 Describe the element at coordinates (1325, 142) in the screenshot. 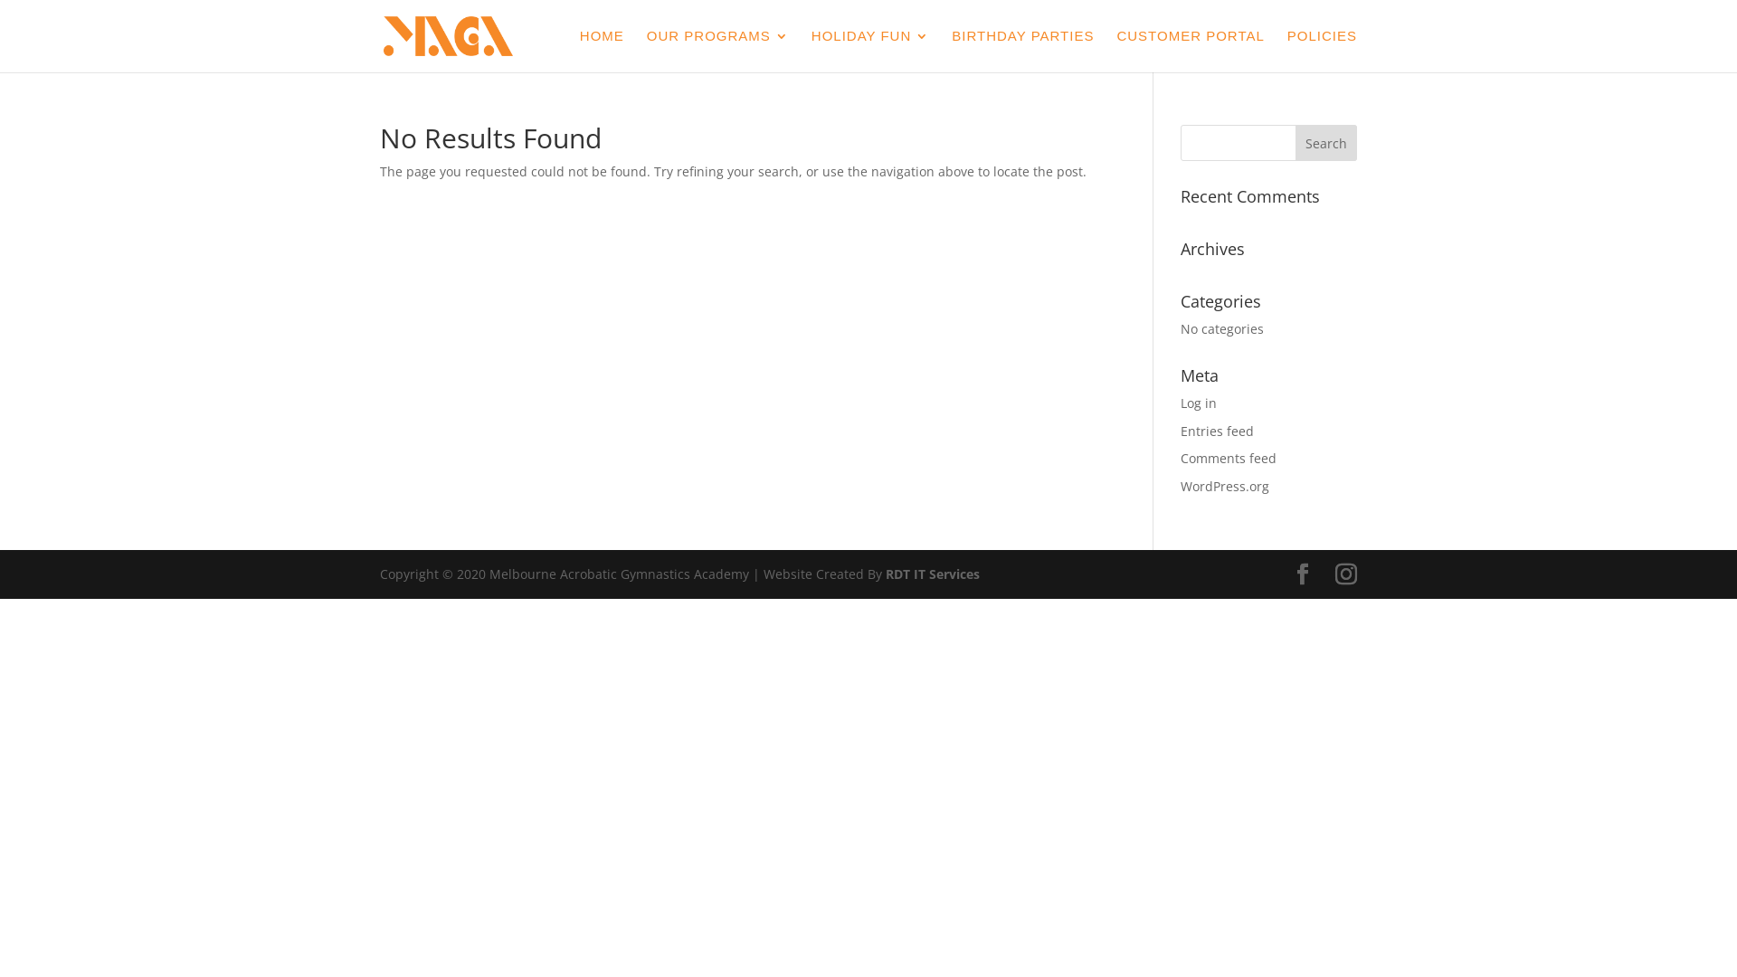

I see `'Search'` at that location.